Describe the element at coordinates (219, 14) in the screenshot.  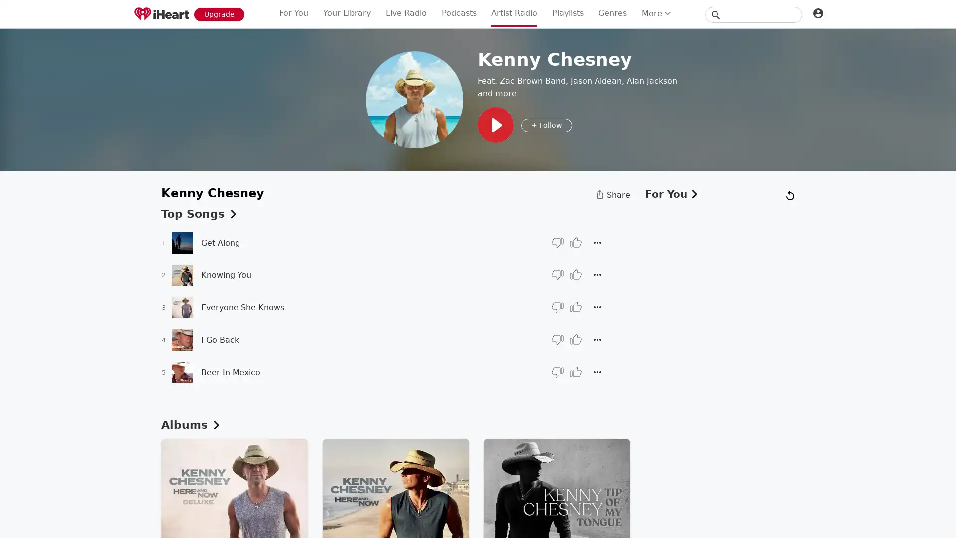
I see `Upgrade Now` at that location.